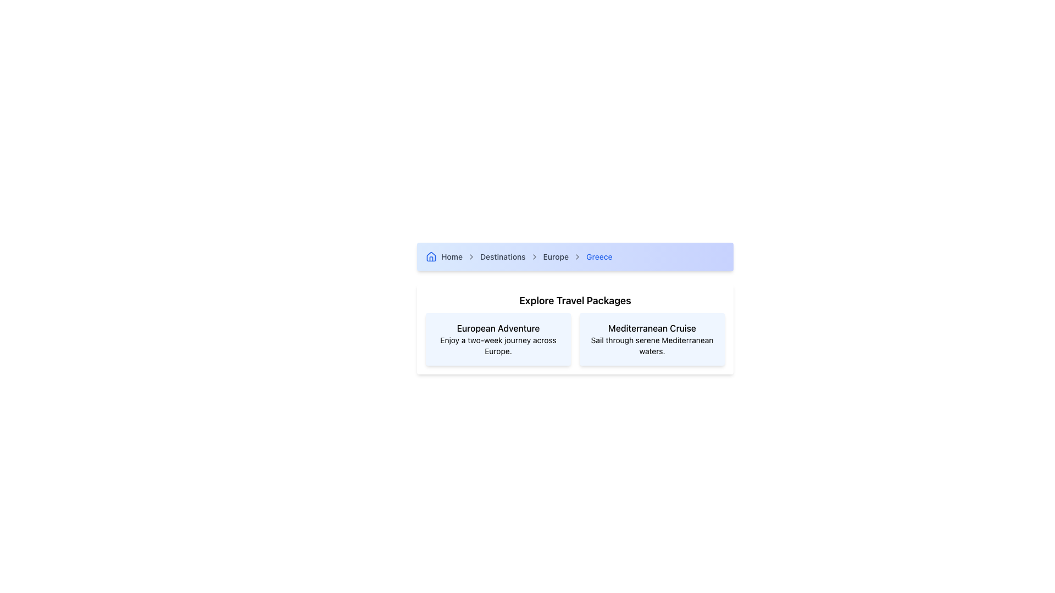  What do you see at coordinates (502, 256) in the screenshot?
I see `the 'Destinations' text label in the breadcrumb navigation` at bounding box center [502, 256].